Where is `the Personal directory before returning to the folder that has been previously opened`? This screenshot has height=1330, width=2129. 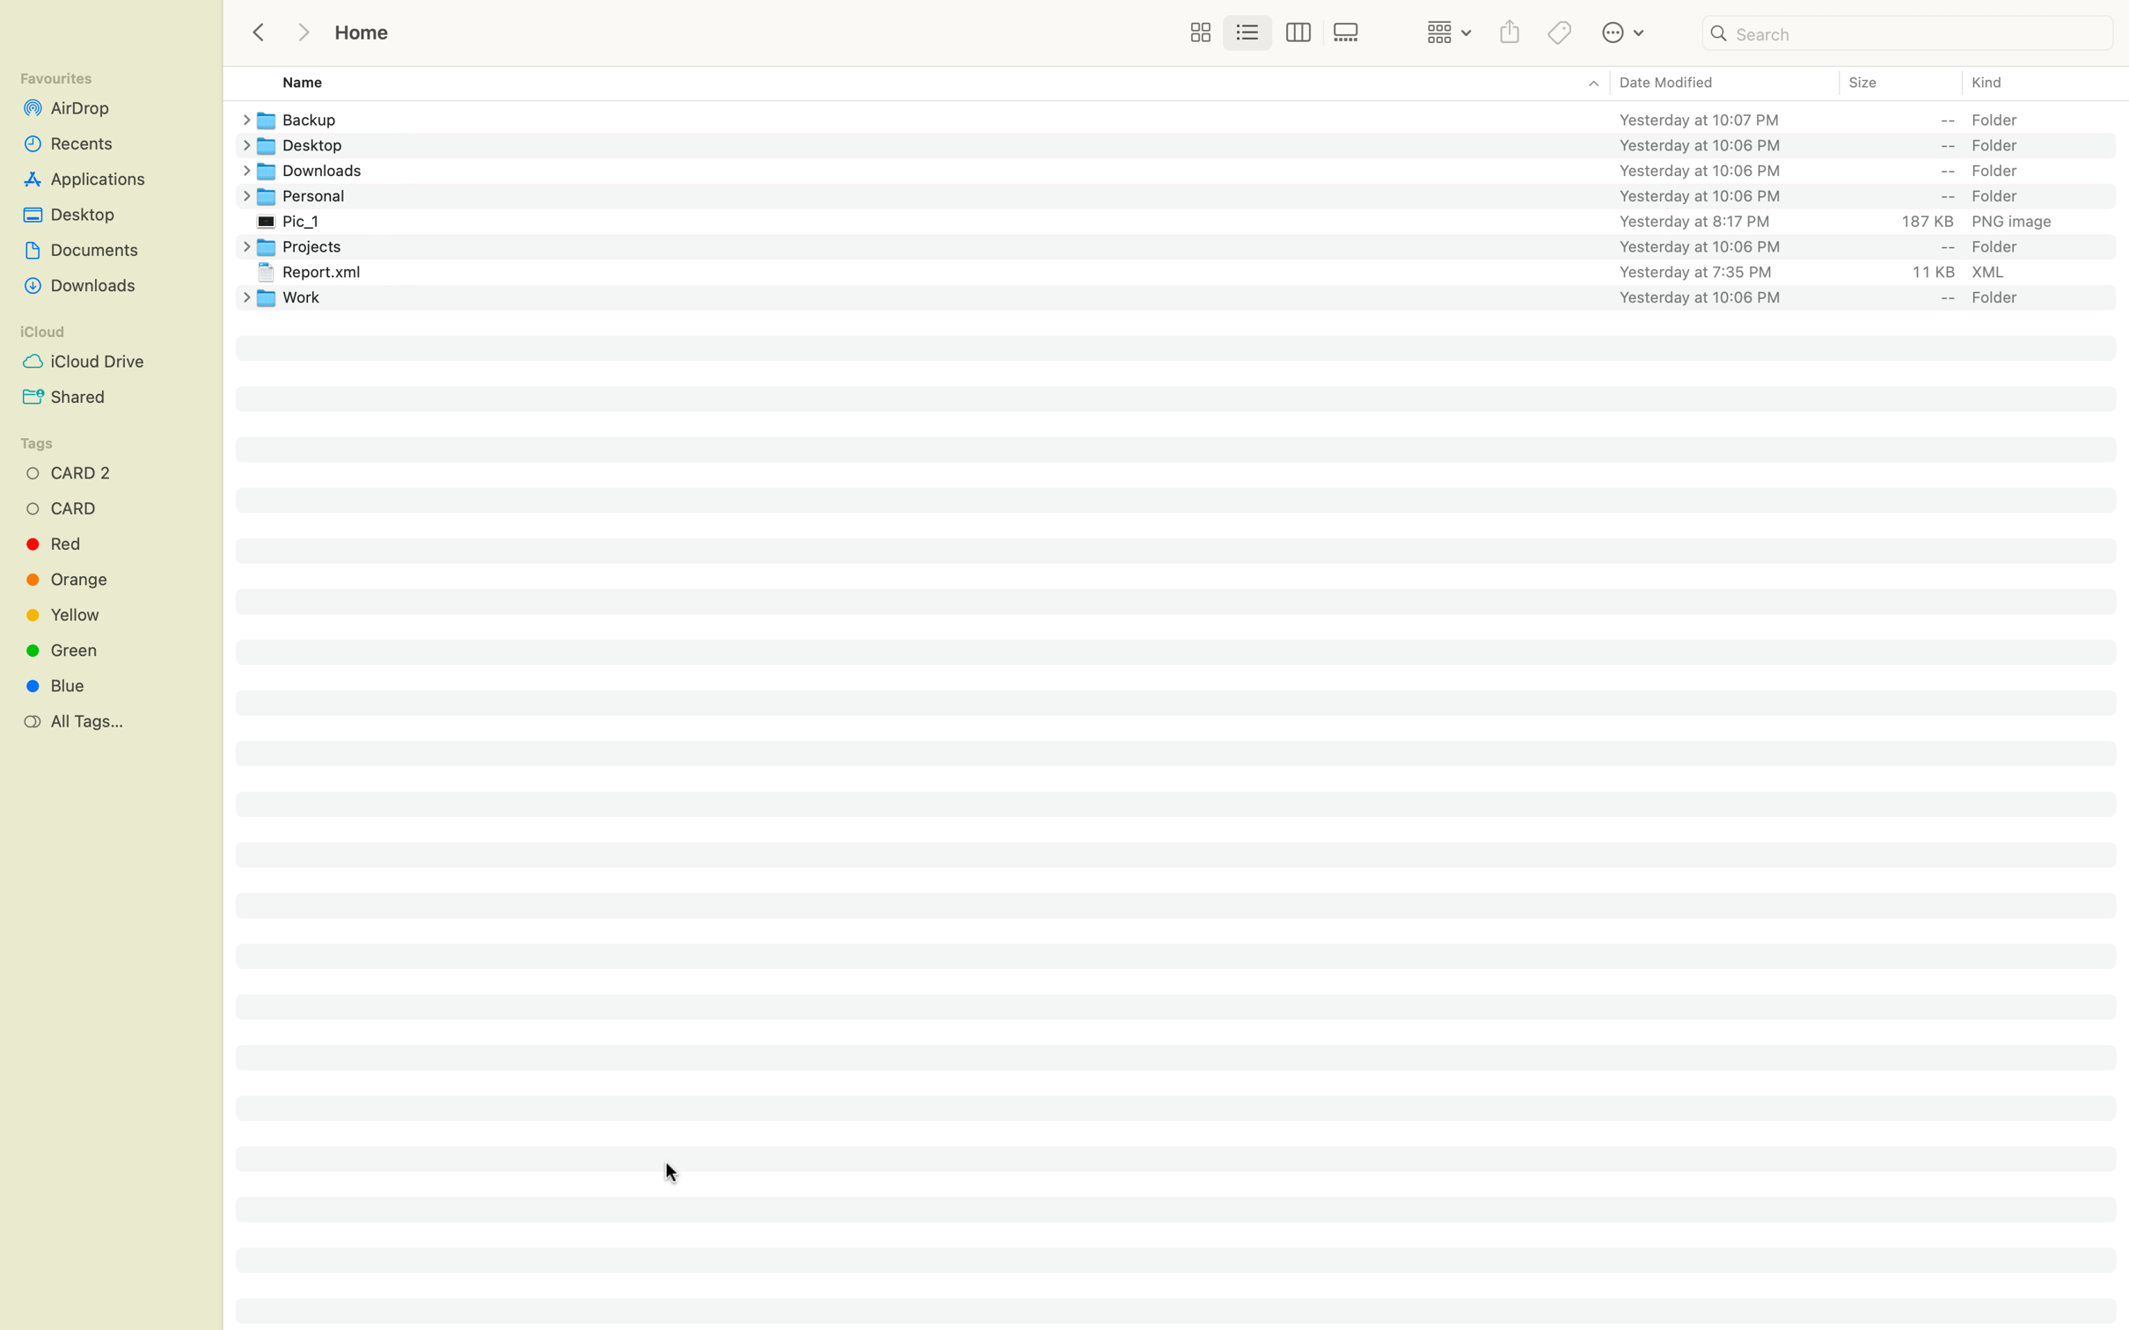 the Personal directory before returning to the folder that has been previously opened is located at coordinates (1192, 194).